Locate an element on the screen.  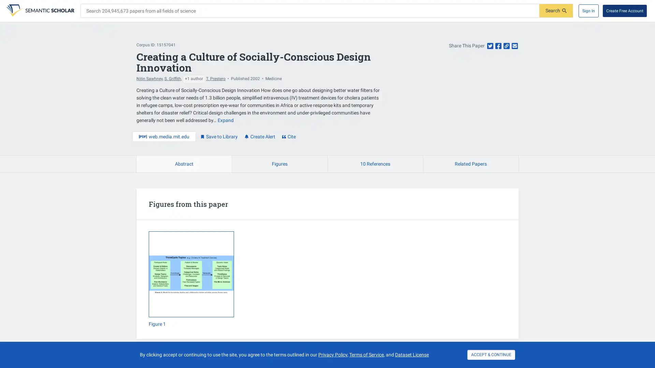
Share on Twitter is located at coordinates (490, 46).